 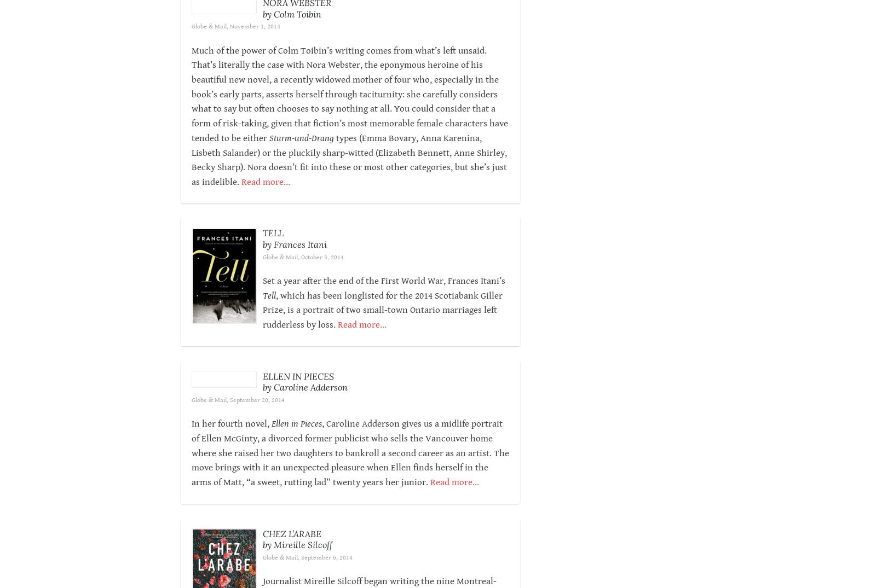 What do you see at coordinates (304, 401) in the screenshot?
I see `'by Caroline Adderson'` at bounding box center [304, 401].